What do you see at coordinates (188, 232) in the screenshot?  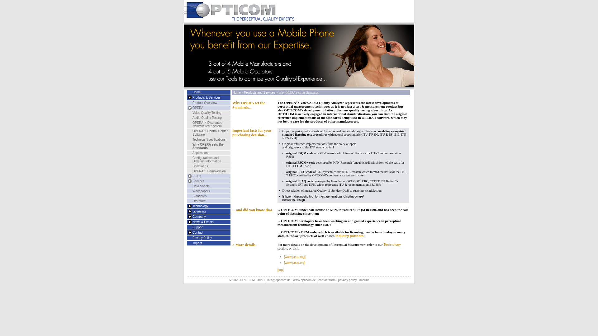 I see `'Contact'` at bounding box center [188, 232].